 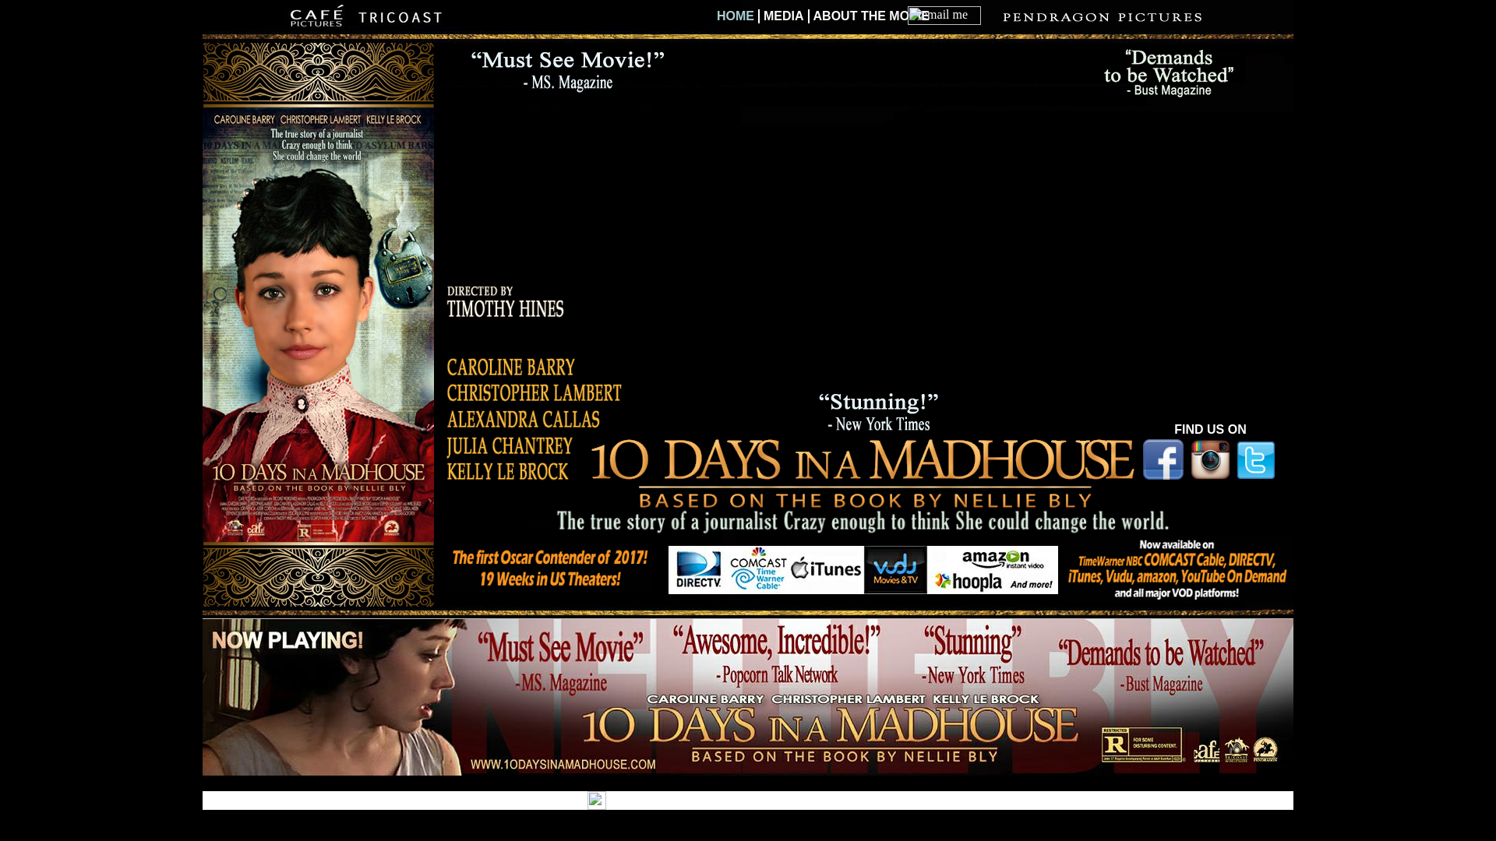 What do you see at coordinates (832, 801) in the screenshot?
I see `'for Your Business'` at bounding box center [832, 801].